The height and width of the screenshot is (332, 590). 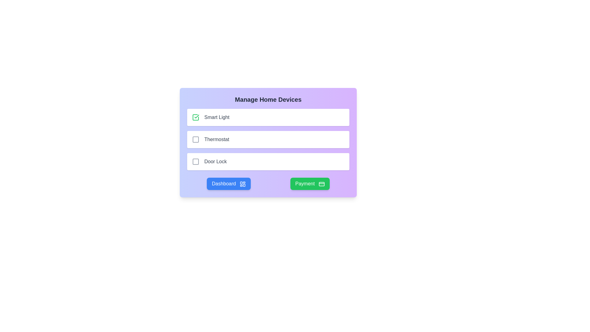 I want to click on the green checkbox icon located to the left of the text 'Smart Light', so click(x=195, y=117).